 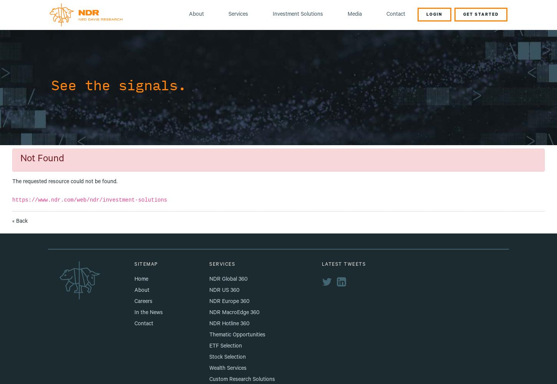 I want to click on 'Wealth Services', so click(x=228, y=368).